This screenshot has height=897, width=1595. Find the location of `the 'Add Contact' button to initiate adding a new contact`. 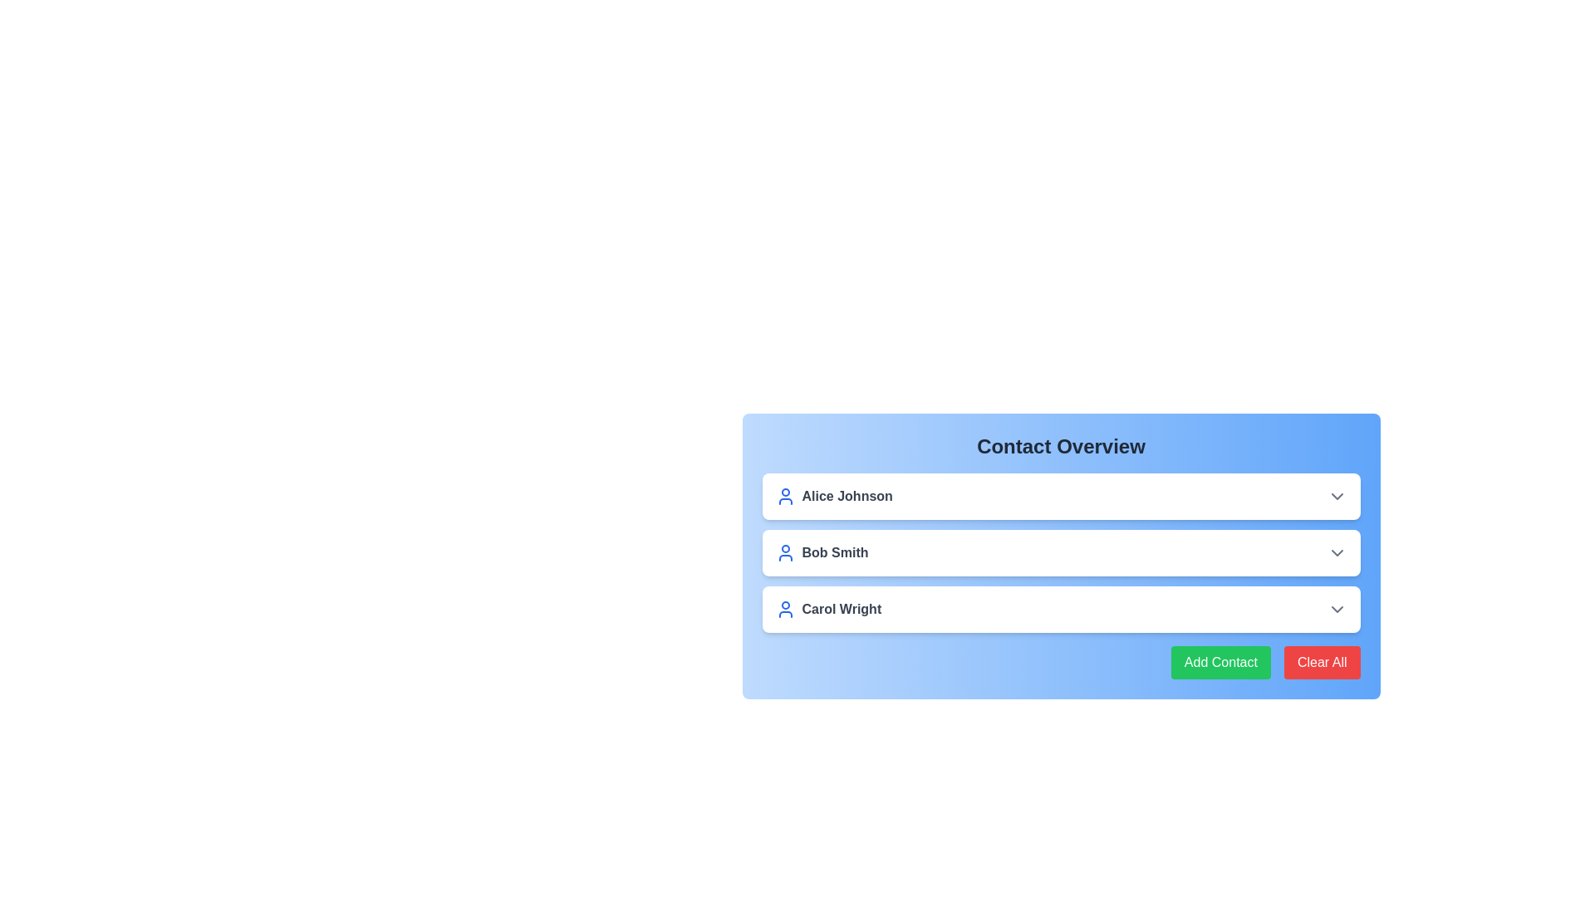

the 'Add Contact' button to initiate adding a new contact is located at coordinates (1220, 662).